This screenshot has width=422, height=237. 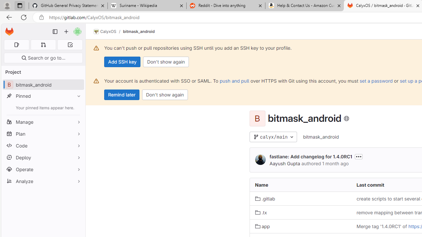 What do you see at coordinates (43, 145) in the screenshot?
I see `'Code'` at bounding box center [43, 145].